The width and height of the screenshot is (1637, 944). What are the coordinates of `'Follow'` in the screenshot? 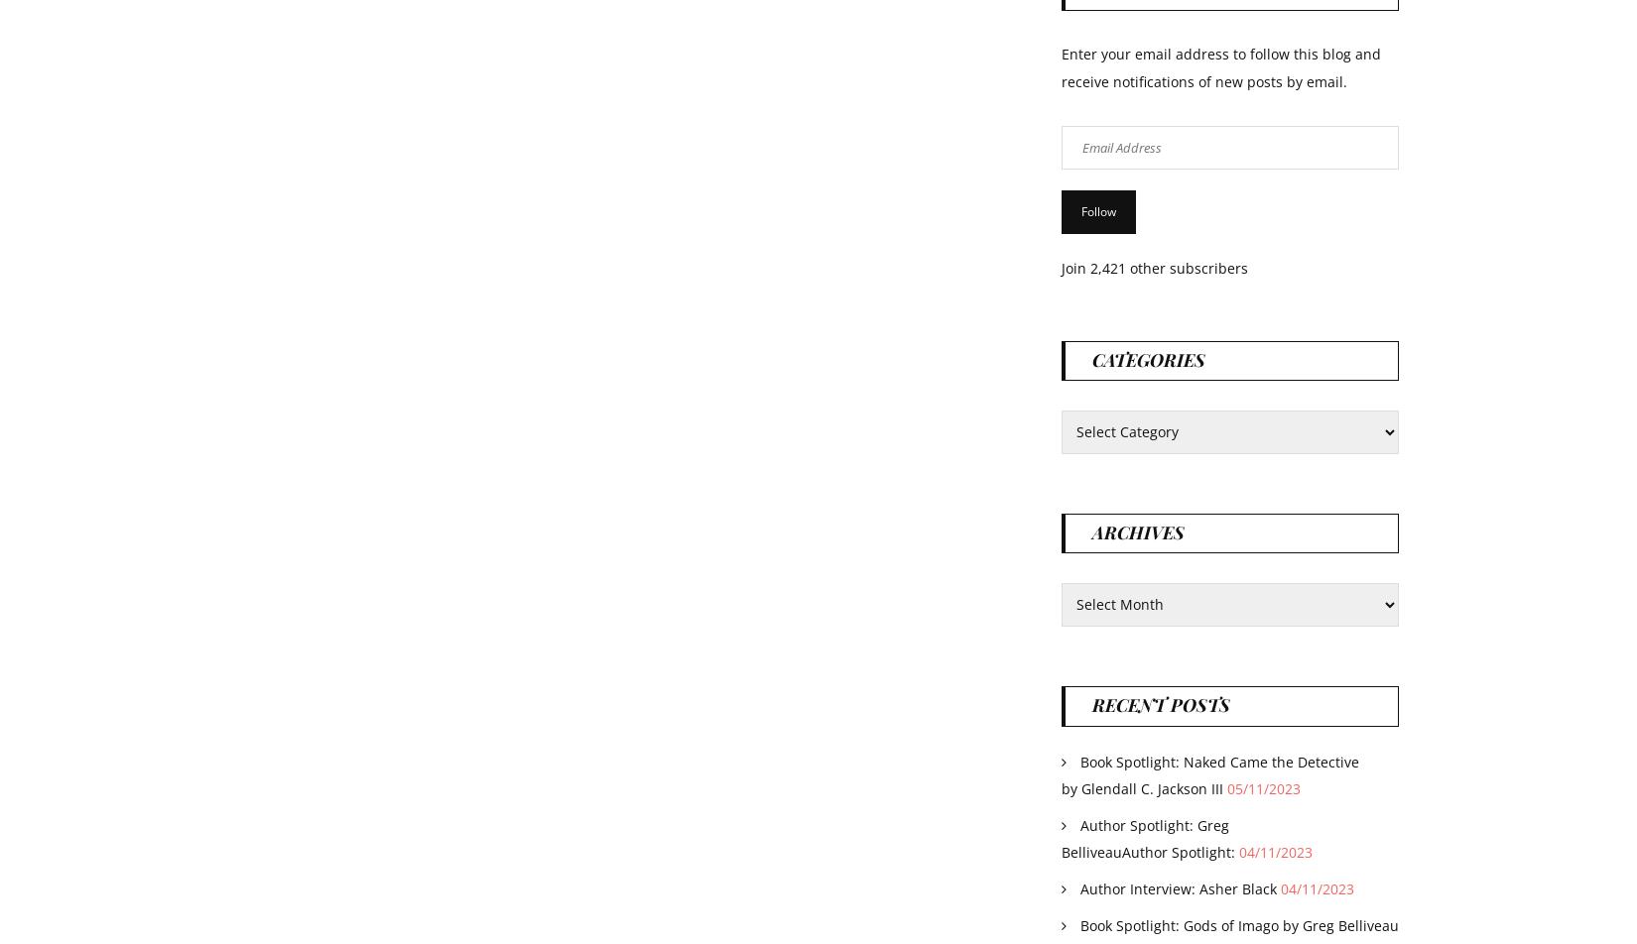 It's located at (1098, 210).